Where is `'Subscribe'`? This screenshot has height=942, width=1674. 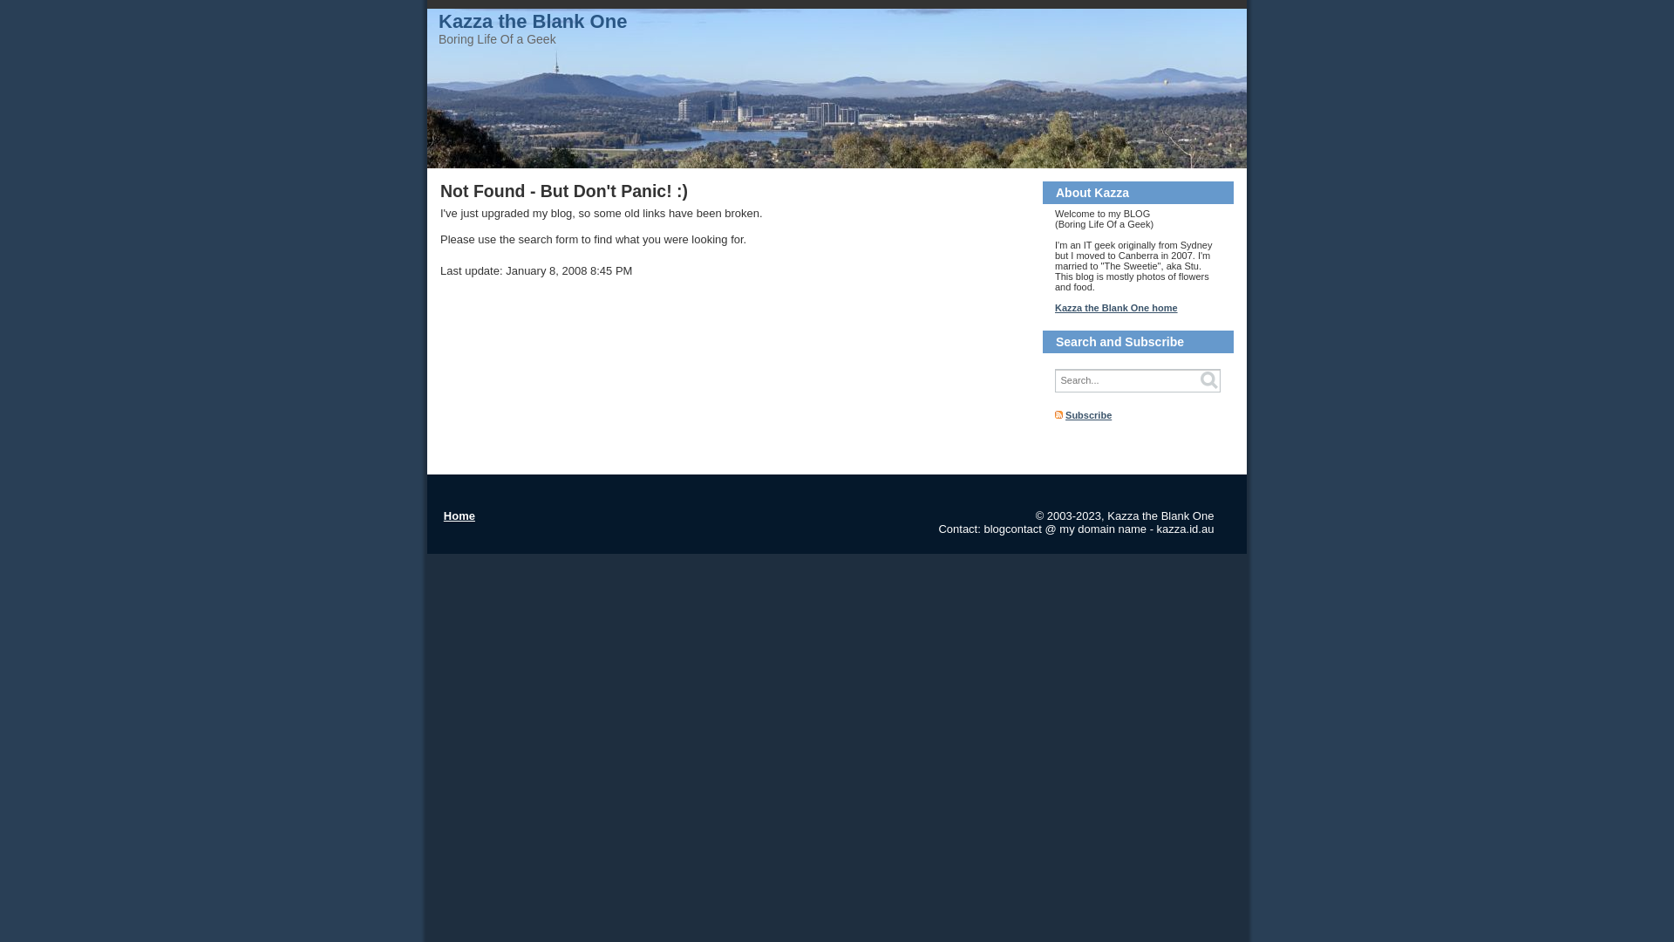 'Subscribe' is located at coordinates (1087, 414).